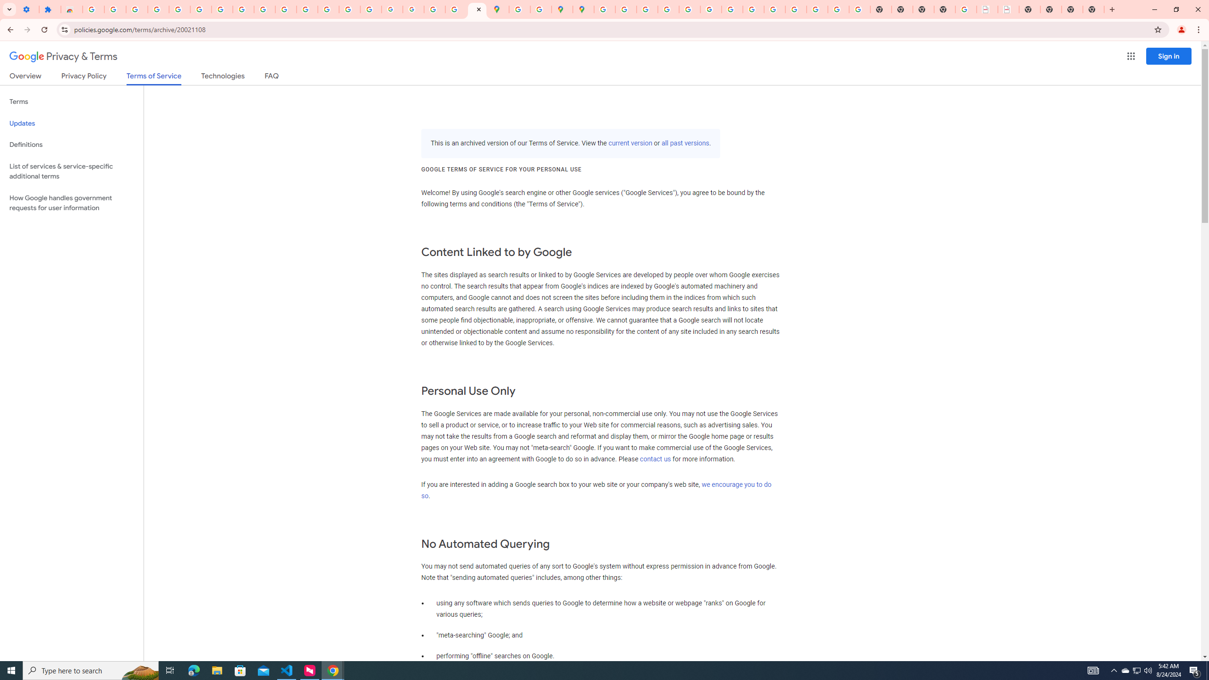 This screenshot has height=680, width=1209. I want to click on 'Terms of Service', so click(153, 78).